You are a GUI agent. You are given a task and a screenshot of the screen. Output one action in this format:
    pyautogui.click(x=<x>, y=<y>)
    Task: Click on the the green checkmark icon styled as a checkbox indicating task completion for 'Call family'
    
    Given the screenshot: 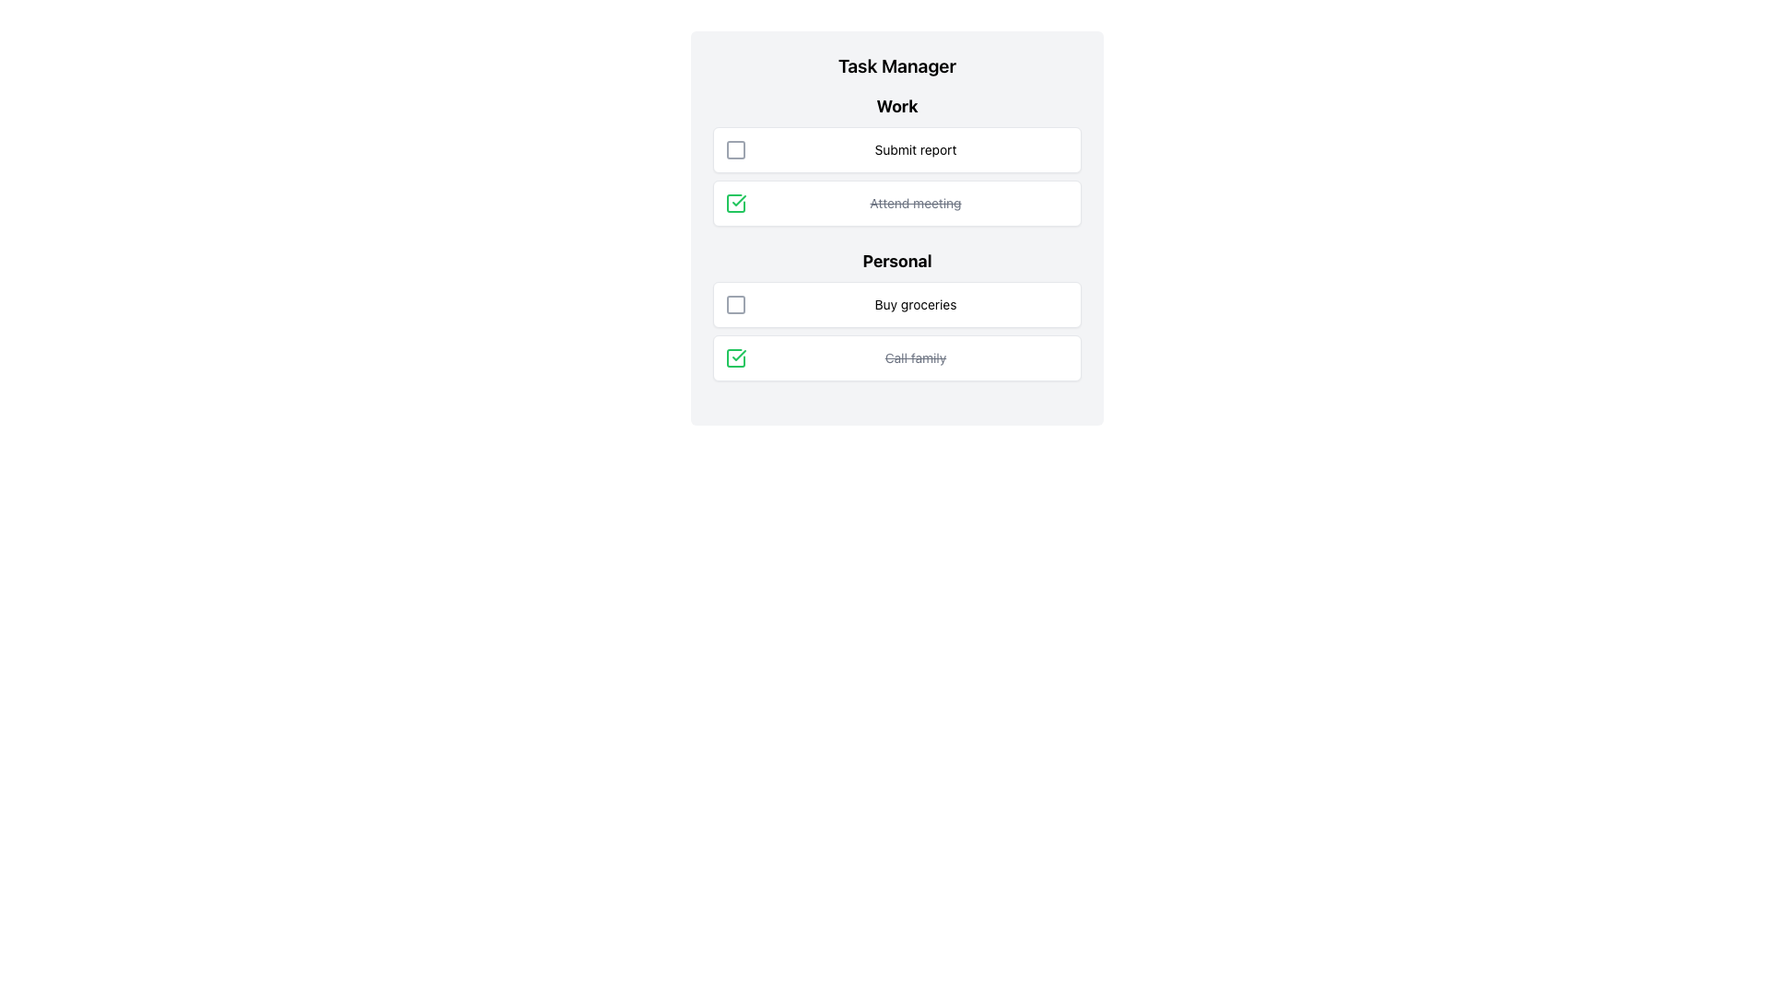 What is the action you would take?
    pyautogui.click(x=734, y=358)
    